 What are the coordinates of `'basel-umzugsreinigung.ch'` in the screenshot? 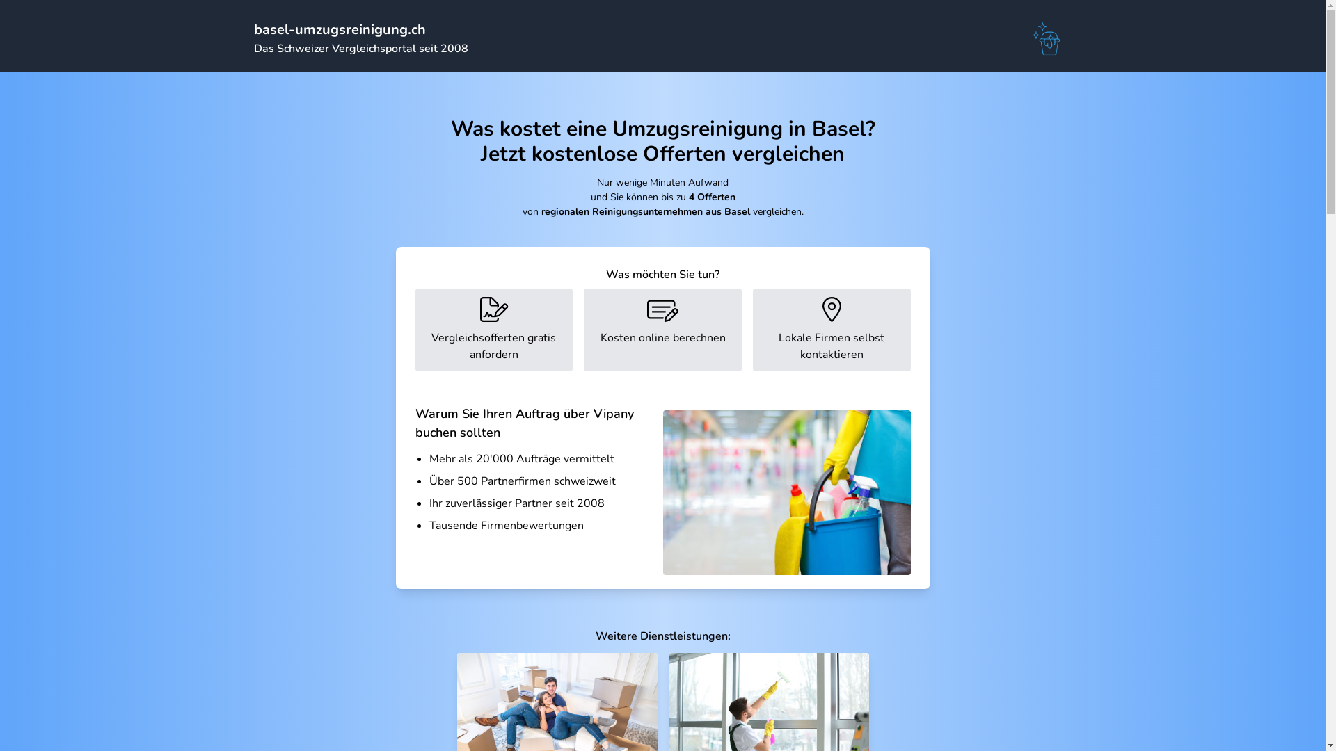 It's located at (339, 29).